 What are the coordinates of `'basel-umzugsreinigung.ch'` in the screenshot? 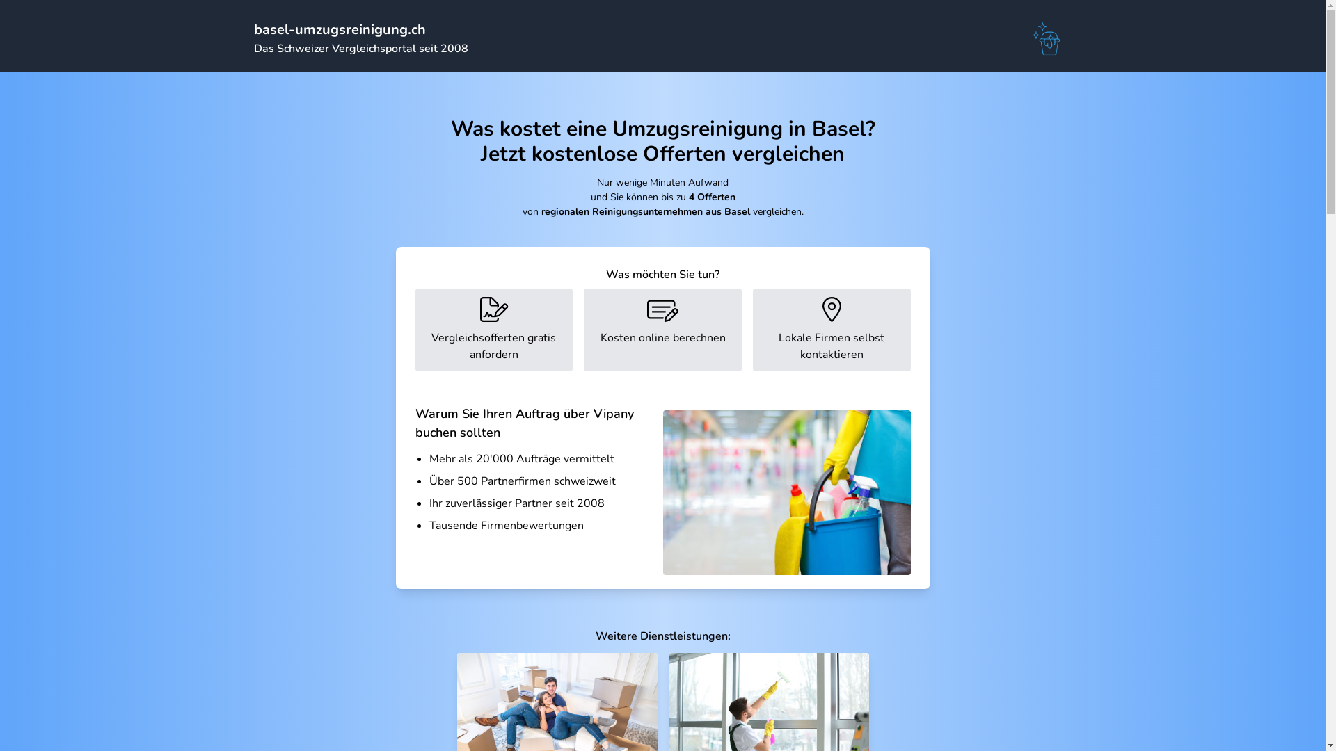 It's located at (339, 29).